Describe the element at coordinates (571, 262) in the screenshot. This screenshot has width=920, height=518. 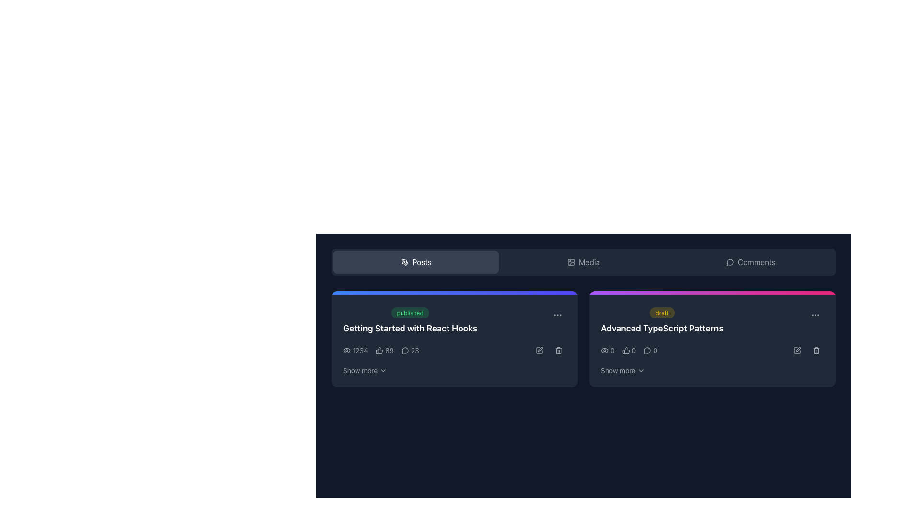
I see `icon element that resembles a picture frame, which is part of the 'Media' navigation button located at the top of the content section` at that location.